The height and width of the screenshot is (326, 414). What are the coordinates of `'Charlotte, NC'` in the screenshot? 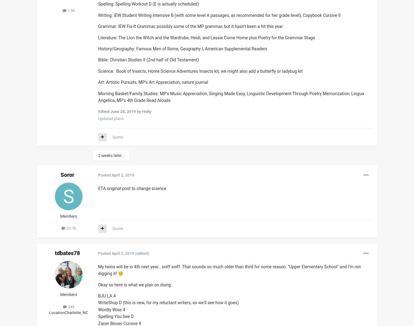 It's located at (64, 312).